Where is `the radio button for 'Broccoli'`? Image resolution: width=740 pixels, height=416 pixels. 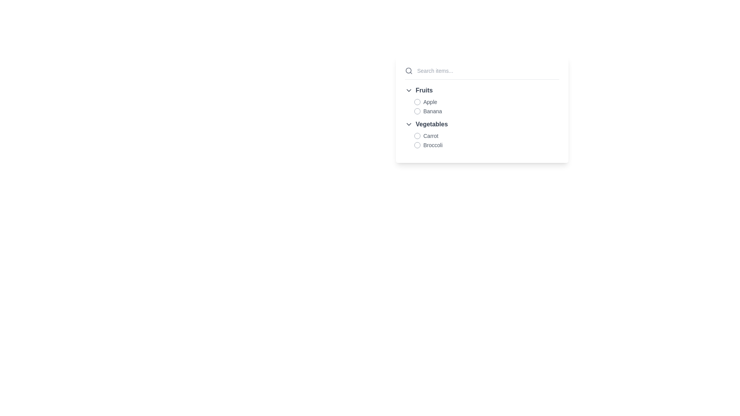
the radio button for 'Broccoli' is located at coordinates (417, 145).